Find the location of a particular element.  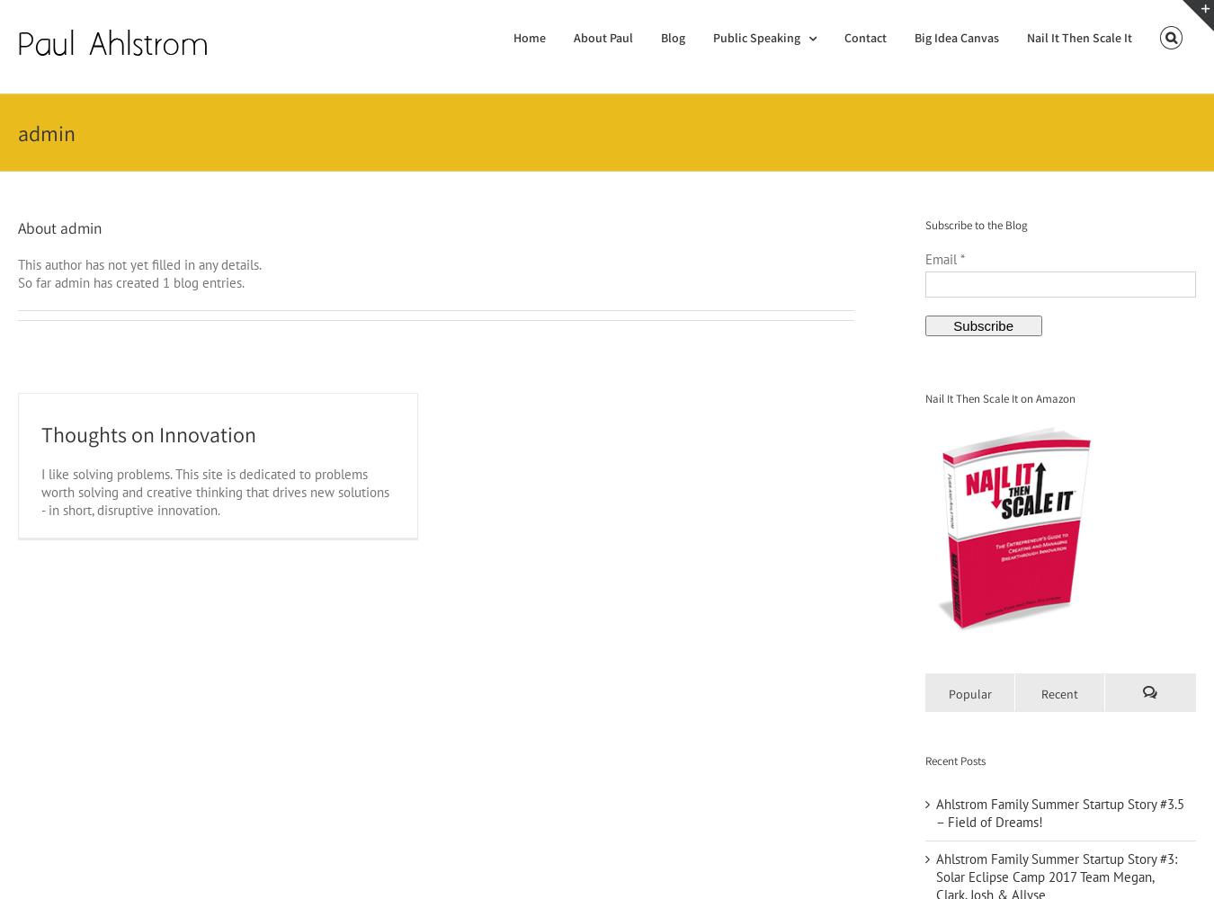

'Recent Posts' is located at coordinates (954, 759).